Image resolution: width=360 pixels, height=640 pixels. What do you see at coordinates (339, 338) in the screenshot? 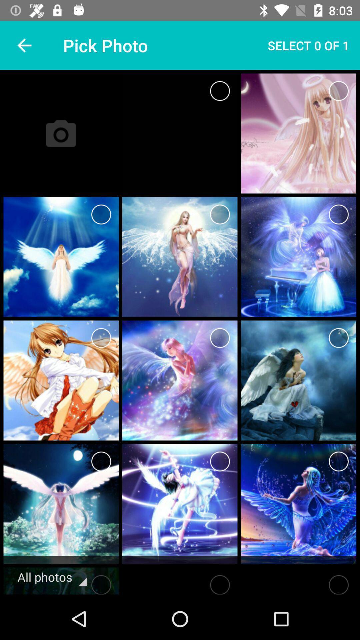
I see `photo` at bounding box center [339, 338].